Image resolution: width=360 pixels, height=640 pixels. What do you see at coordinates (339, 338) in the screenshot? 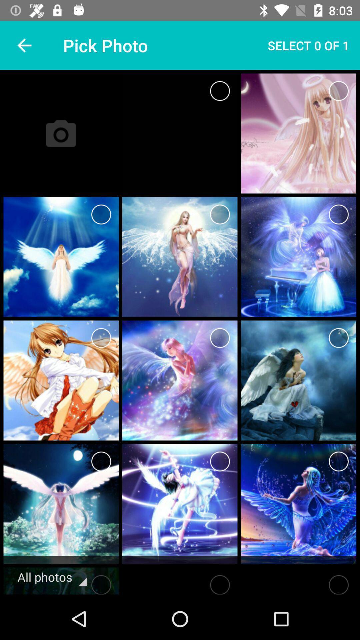
I see `photo` at bounding box center [339, 338].